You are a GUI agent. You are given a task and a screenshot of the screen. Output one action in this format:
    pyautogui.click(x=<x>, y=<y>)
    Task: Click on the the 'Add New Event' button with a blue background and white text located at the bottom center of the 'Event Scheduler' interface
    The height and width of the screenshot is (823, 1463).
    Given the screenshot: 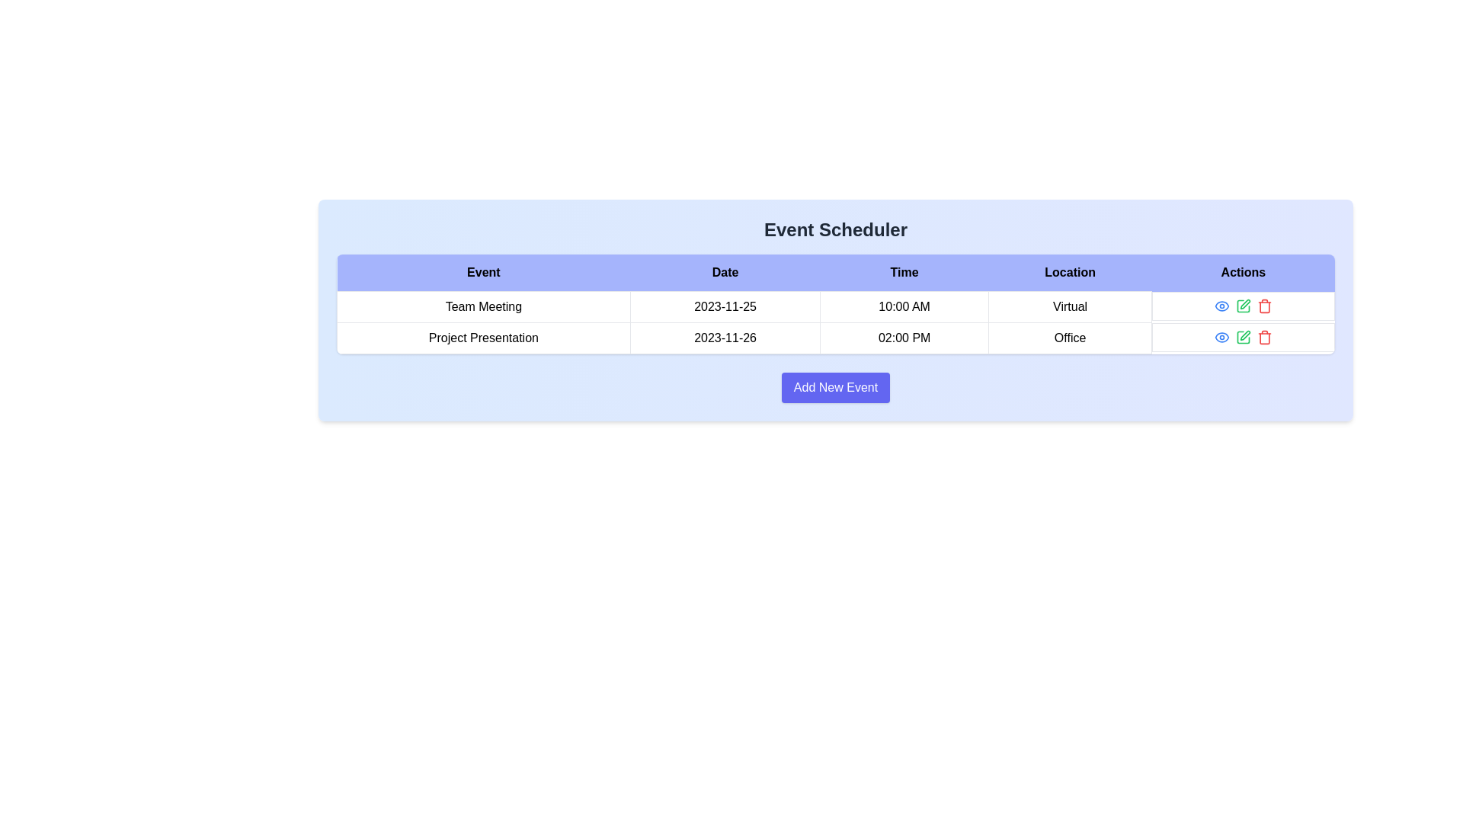 What is the action you would take?
    pyautogui.click(x=835, y=387)
    